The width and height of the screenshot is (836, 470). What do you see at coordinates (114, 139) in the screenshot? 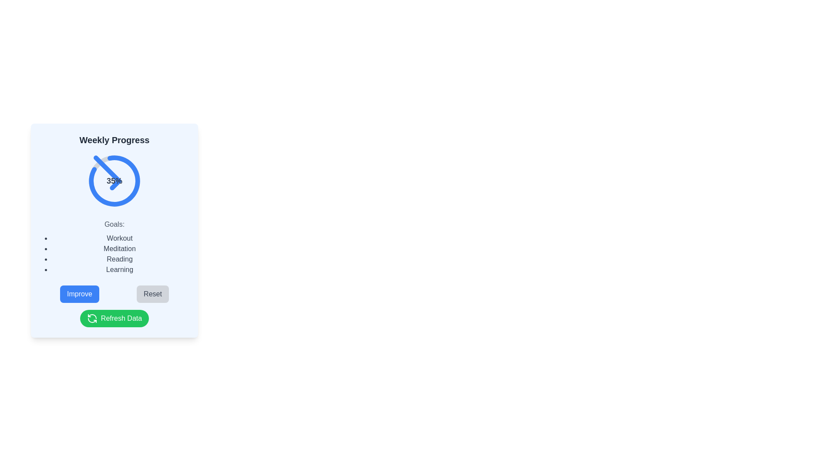
I see `the title text block that serves as a heading for the card, located at the top part of the card above the circular progress indicator` at bounding box center [114, 139].